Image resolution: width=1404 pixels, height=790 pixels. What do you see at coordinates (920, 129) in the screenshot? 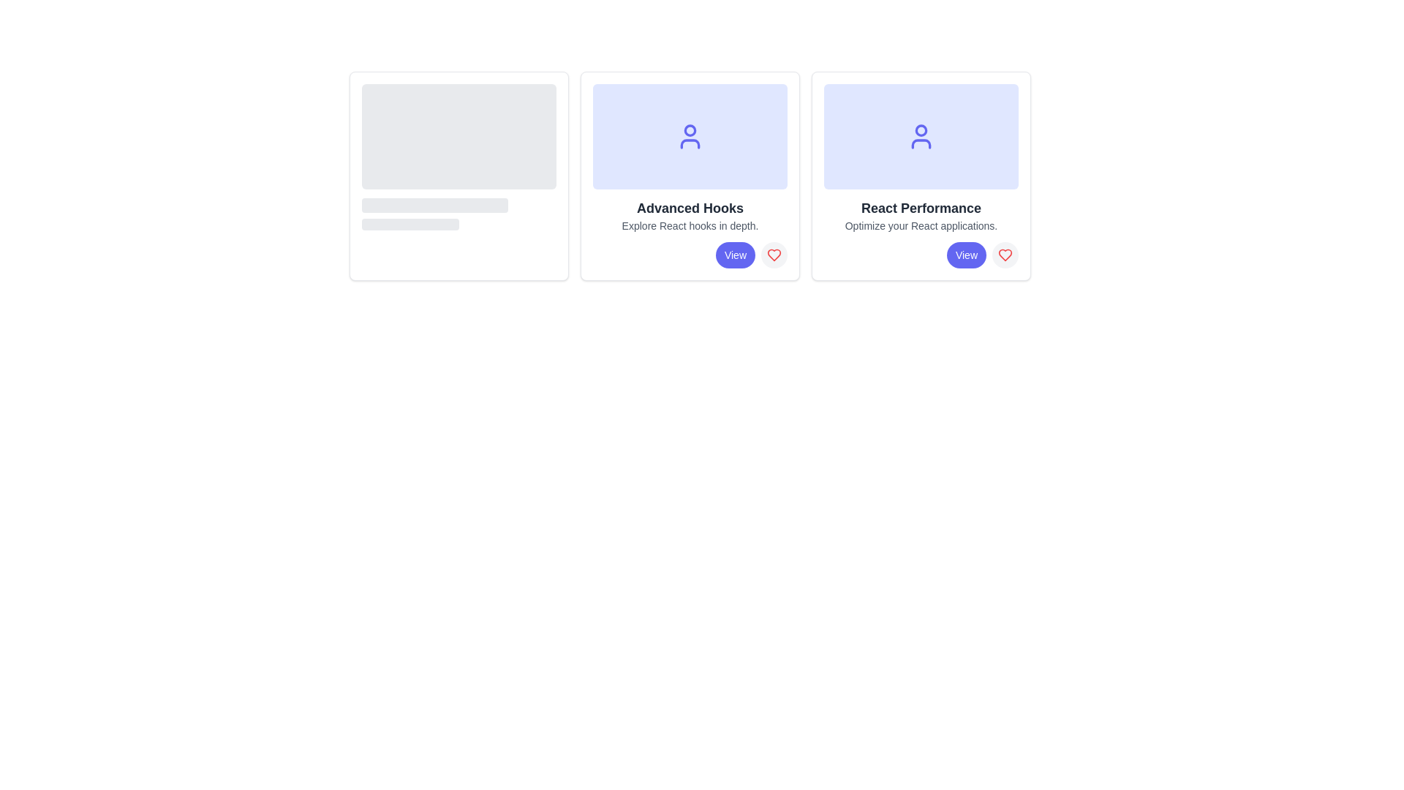
I see `the circular head shape in the user icon of the 'React Performance' card, which is part of a horizontally arranged card group` at bounding box center [920, 129].